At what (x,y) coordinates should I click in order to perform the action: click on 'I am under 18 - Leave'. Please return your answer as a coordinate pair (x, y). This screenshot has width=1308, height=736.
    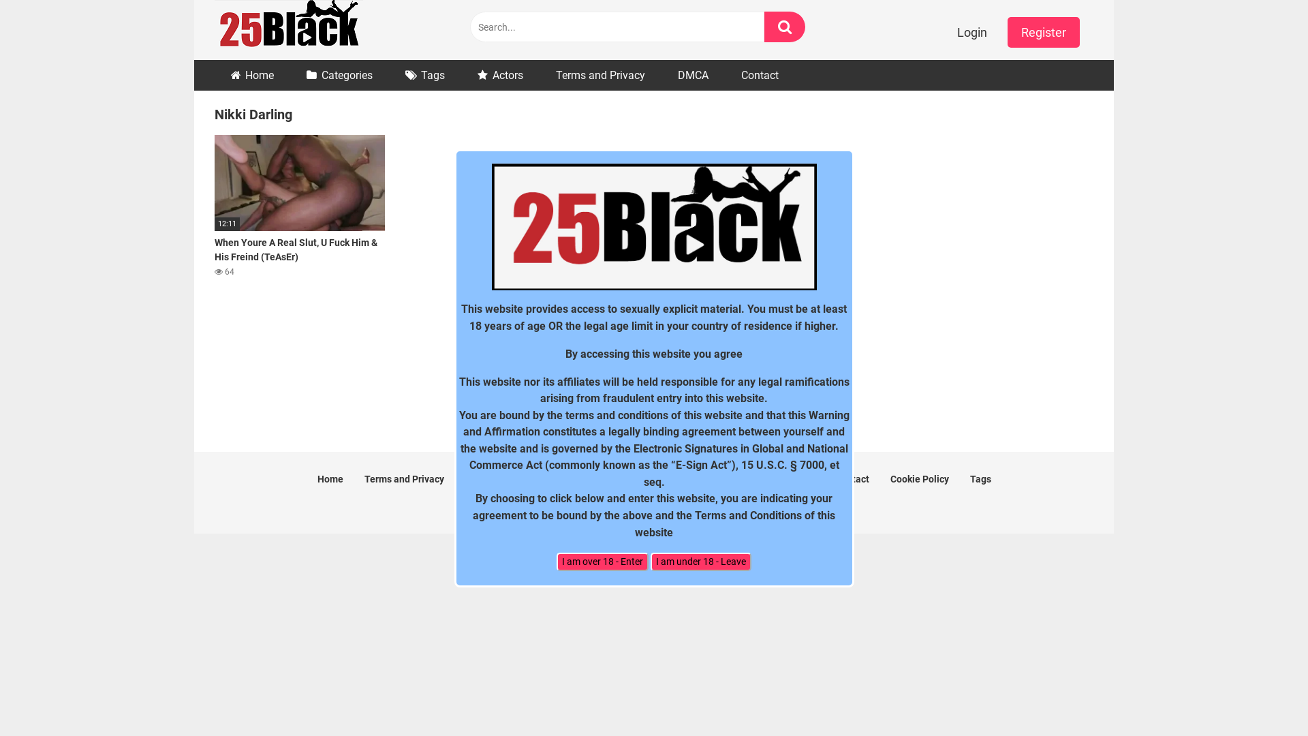
    Looking at the image, I should click on (700, 562).